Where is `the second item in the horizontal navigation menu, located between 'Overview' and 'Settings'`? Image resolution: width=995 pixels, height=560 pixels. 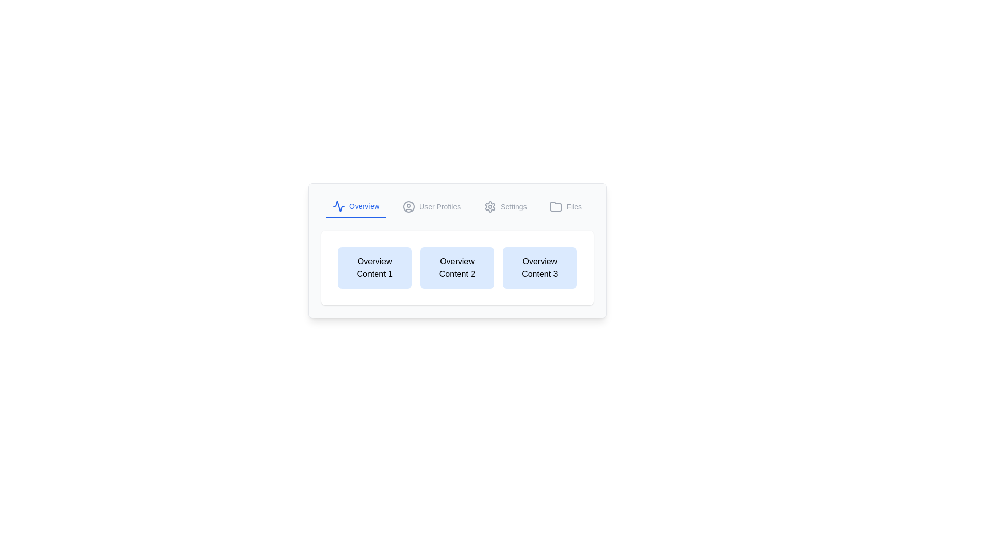 the second item in the horizontal navigation menu, located between 'Overview' and 'Settings' is located at coordinates (432, 206).